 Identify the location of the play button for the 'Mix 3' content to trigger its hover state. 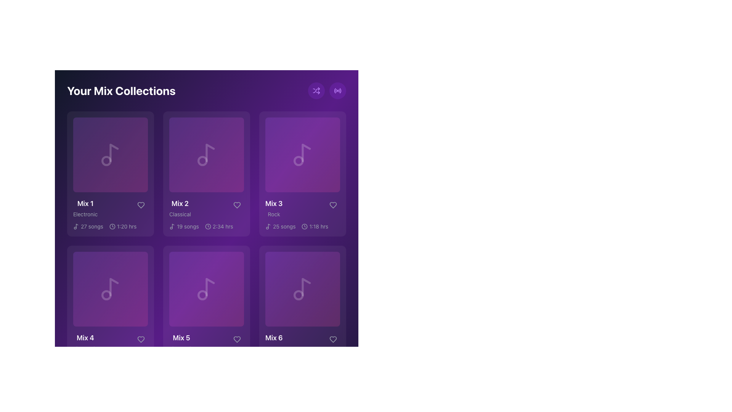
(302, 154).